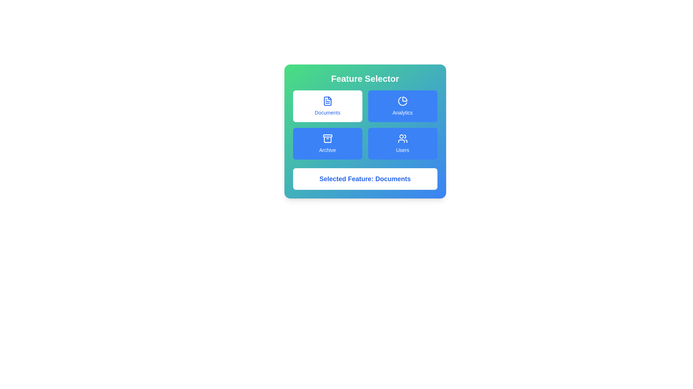  I want to click on the blue document icon located centrally within the upper-left white button labeled 'Documents' in the 'Feature Selector' panel, so click(327, 101).